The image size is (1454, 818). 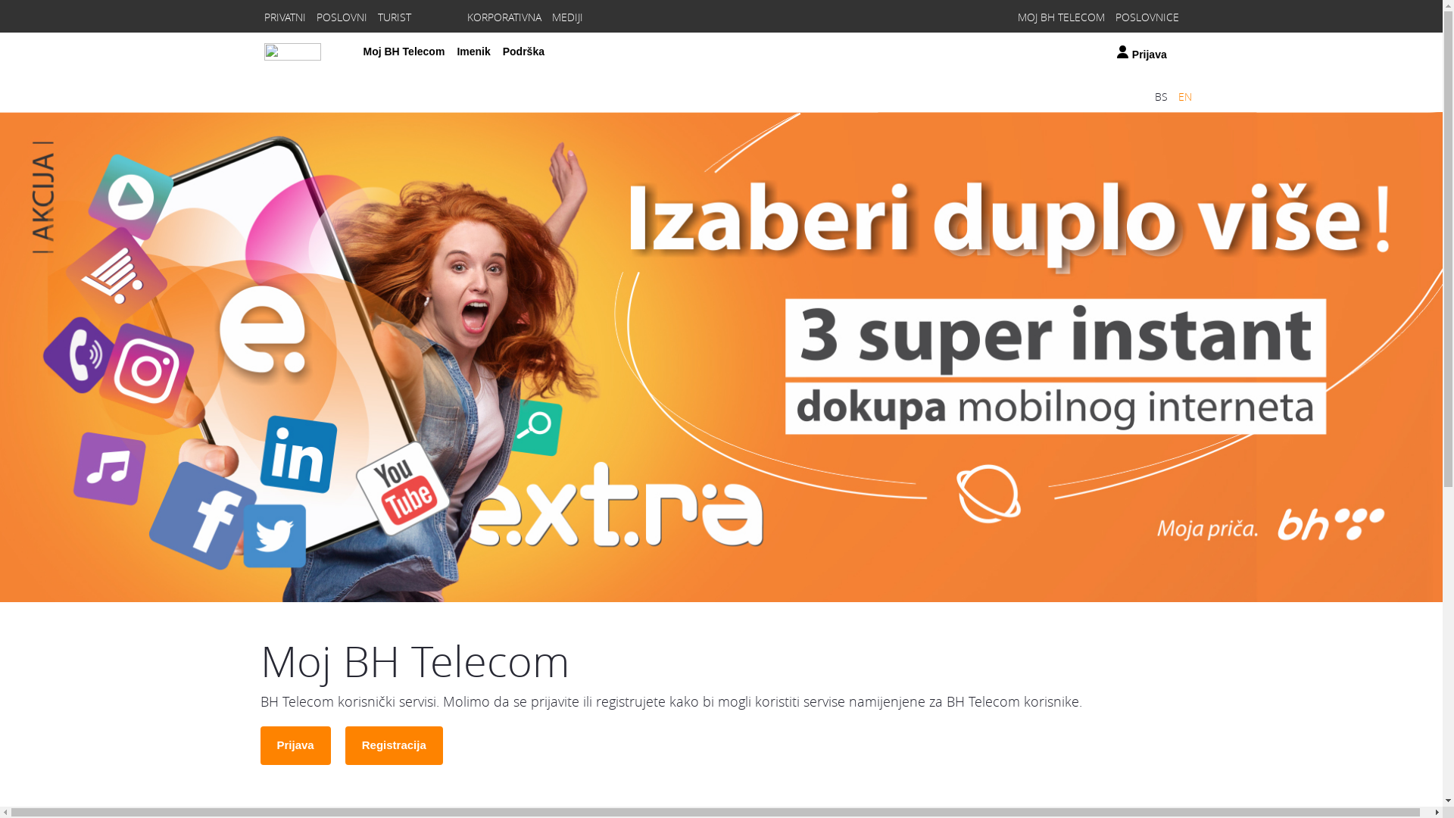 What do you see at coordinates (295, 745) in the screenshot?
I see `'Prijava'` at bounding box center [295, 745].